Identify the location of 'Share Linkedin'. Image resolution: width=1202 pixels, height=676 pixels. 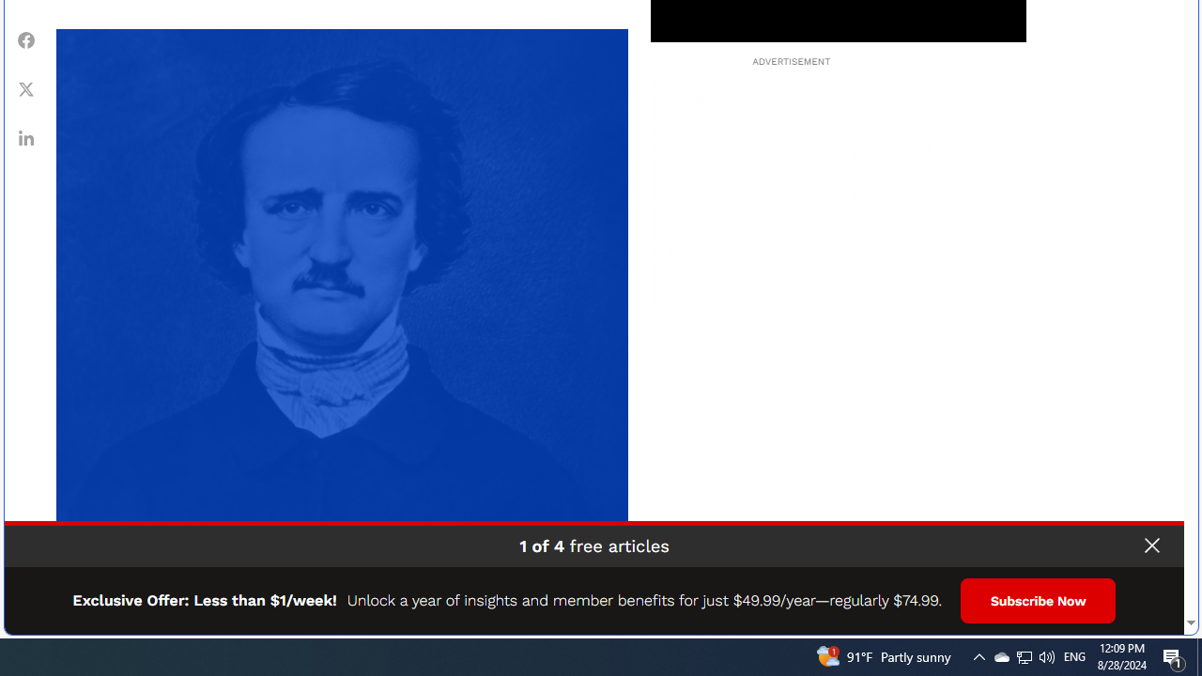
(26, 137).